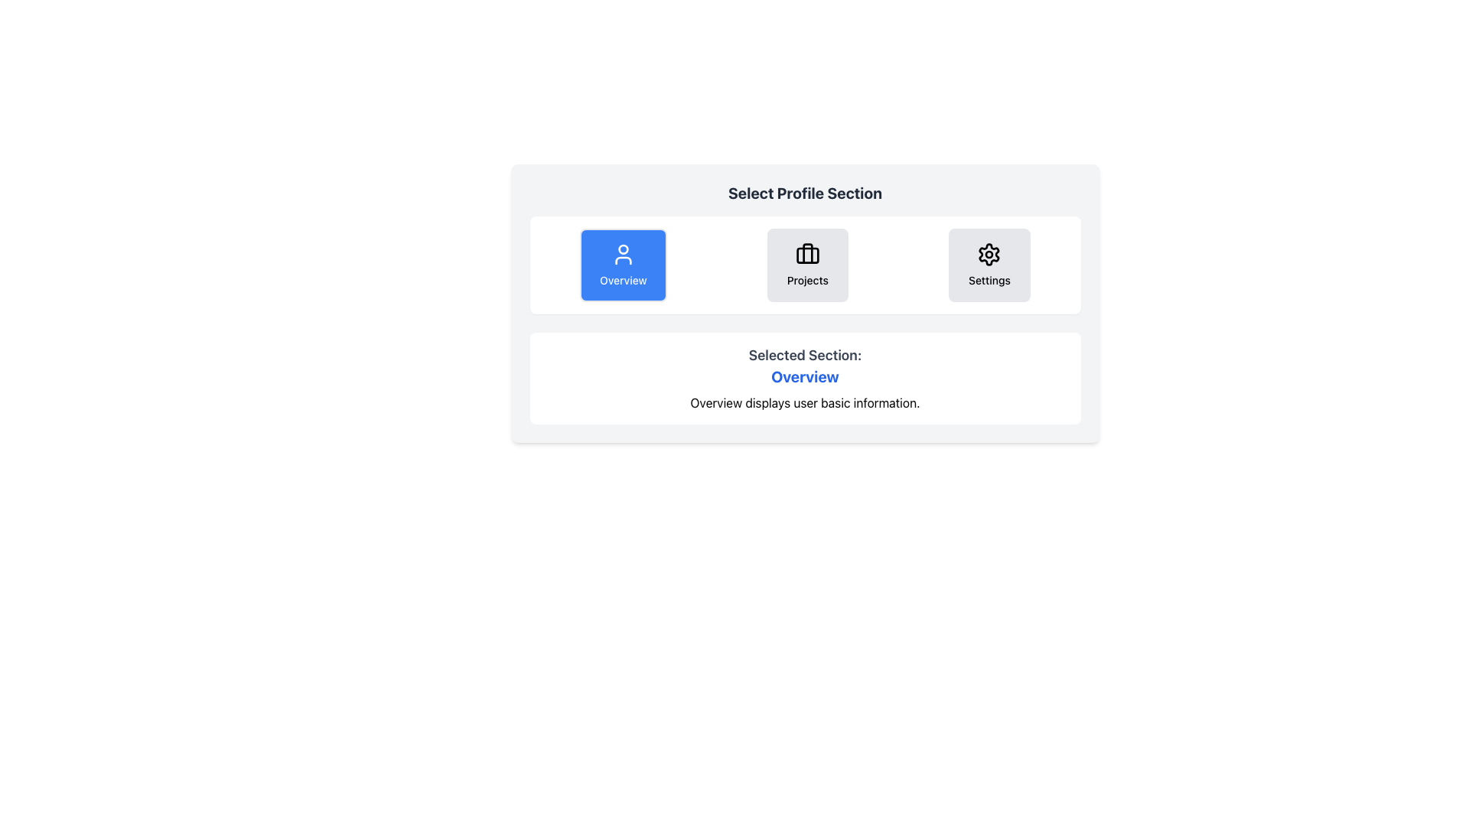 The image size is (1469, 826). Describe the element at coordinates (623, 249) in the screenshot. I see `graphical component of the user profile icon, which is the first icon from the left in the row of selectable profile sections, using developer tools` at that location.